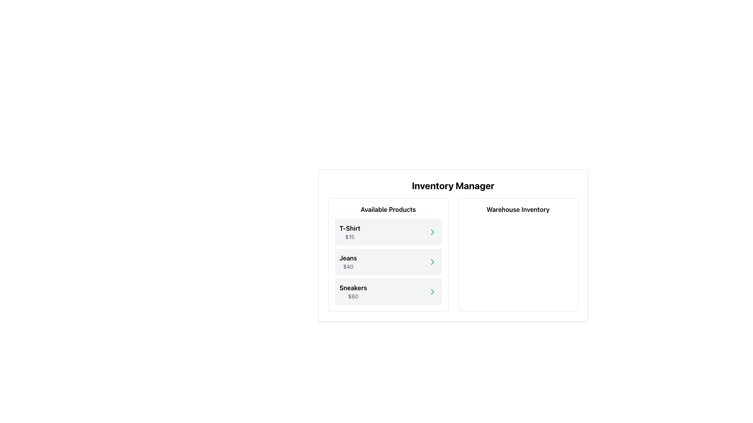 The image size is (753, 423). I want to click on the 'Sneakers' list item in the 'Available Products' panel, so click(388, 291).